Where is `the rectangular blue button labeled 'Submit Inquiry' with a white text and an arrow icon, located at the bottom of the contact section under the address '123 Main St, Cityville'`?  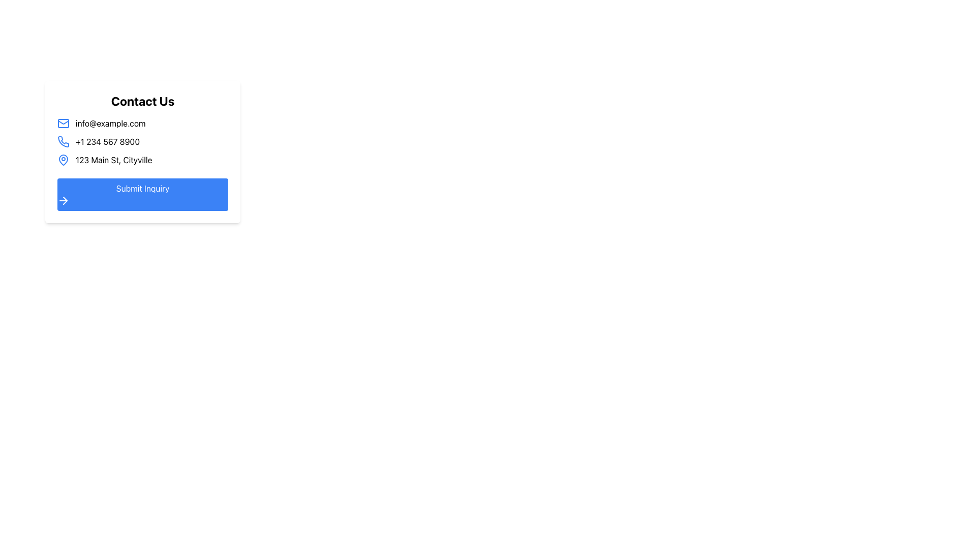
the rectangular blue button labeled 'Submit Inquiry' with a white text and an arrow icon, located at the bottom of the contact section under the address '123 Main St, Cityville' is located at coordinates (142, 194).